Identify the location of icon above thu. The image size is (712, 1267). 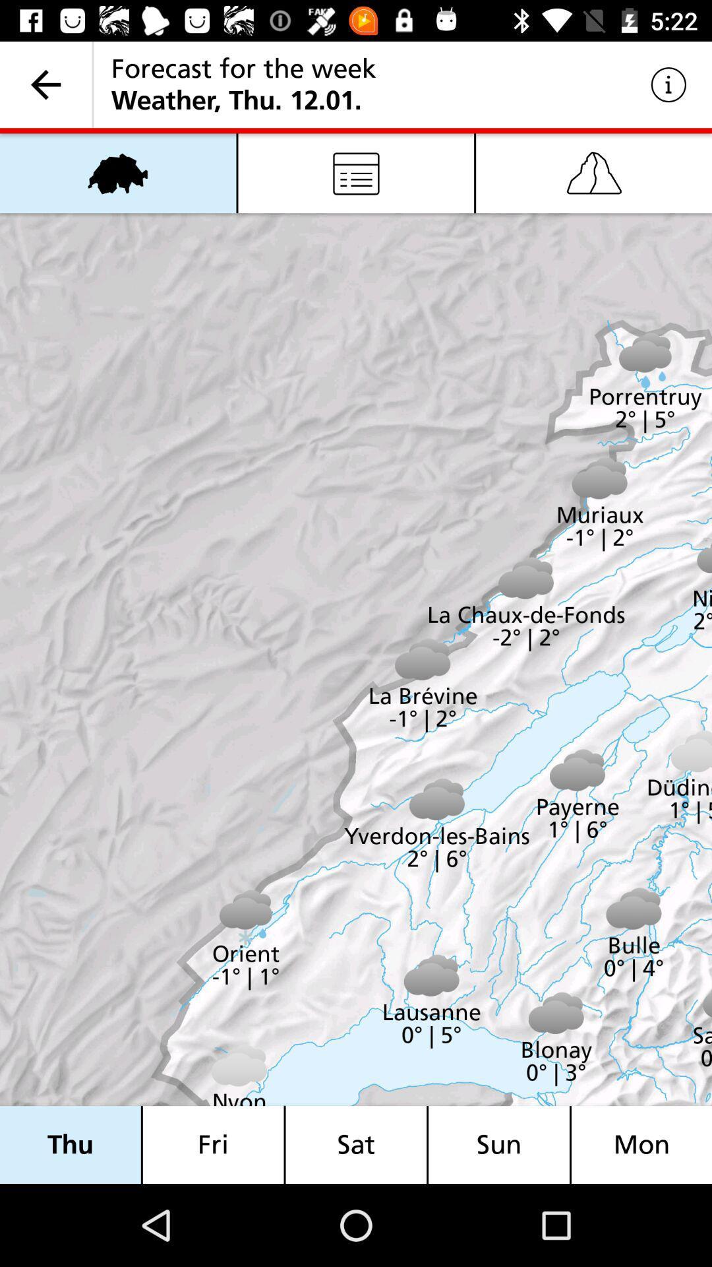
(117, 172).